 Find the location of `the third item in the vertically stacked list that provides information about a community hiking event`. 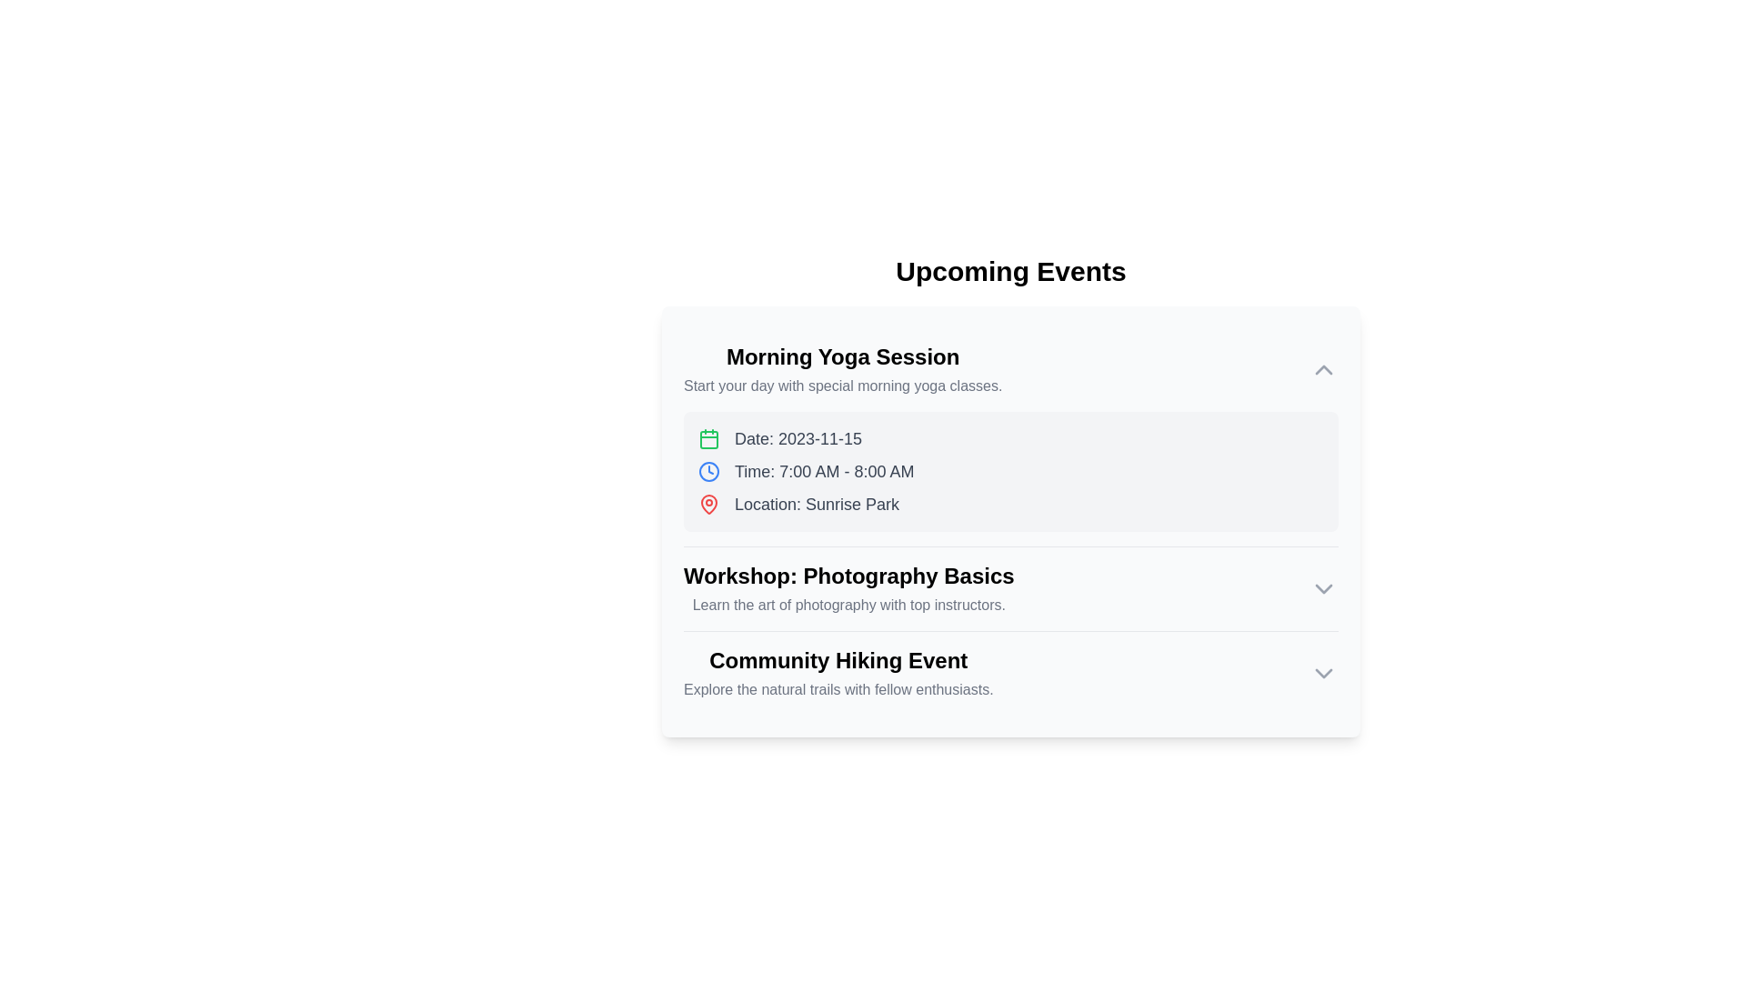

the third item in the vertically stacked list that provides information about a community hiking event is located at coordinates (1010, 673).